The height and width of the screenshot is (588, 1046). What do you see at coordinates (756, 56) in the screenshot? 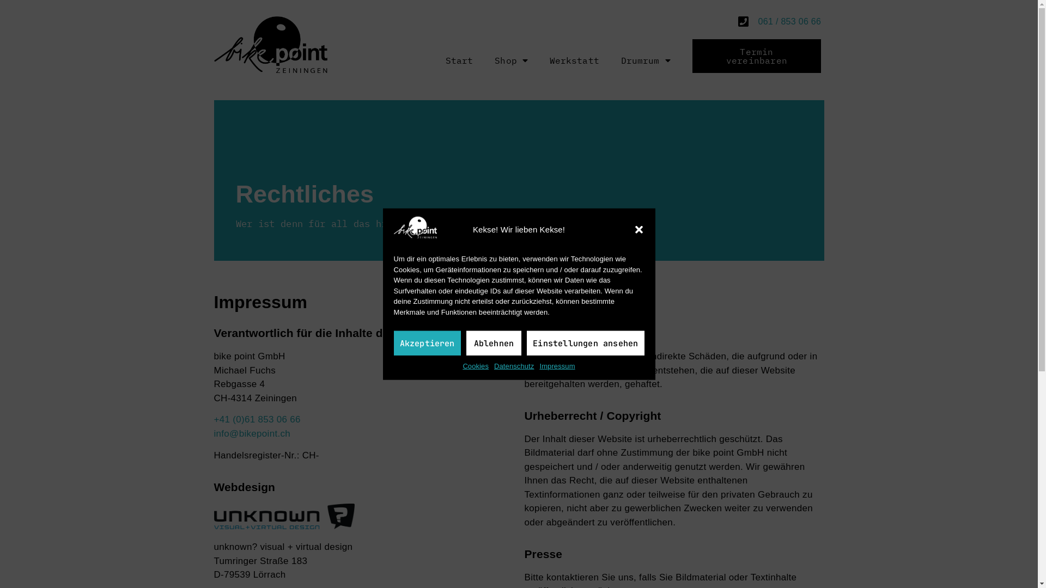
I see `'Termin vereinbaren'` at bounding box center [756, 56].